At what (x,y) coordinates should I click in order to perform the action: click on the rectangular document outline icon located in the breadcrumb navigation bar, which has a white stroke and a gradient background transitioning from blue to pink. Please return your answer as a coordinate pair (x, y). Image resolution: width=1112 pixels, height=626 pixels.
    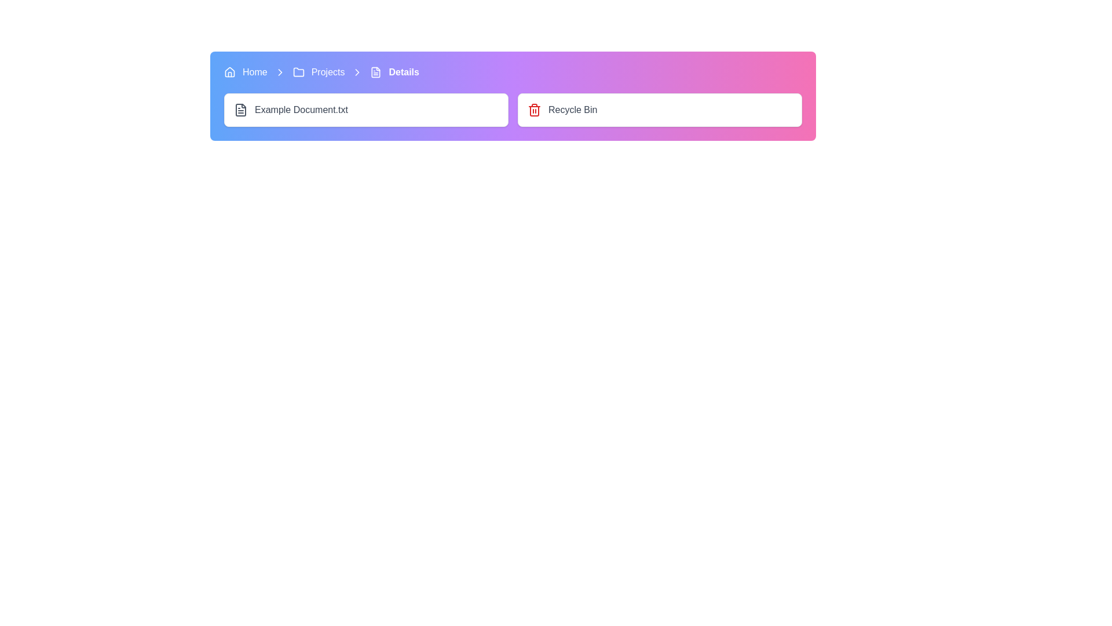
    Looking at the image, I should click on (376, 72).